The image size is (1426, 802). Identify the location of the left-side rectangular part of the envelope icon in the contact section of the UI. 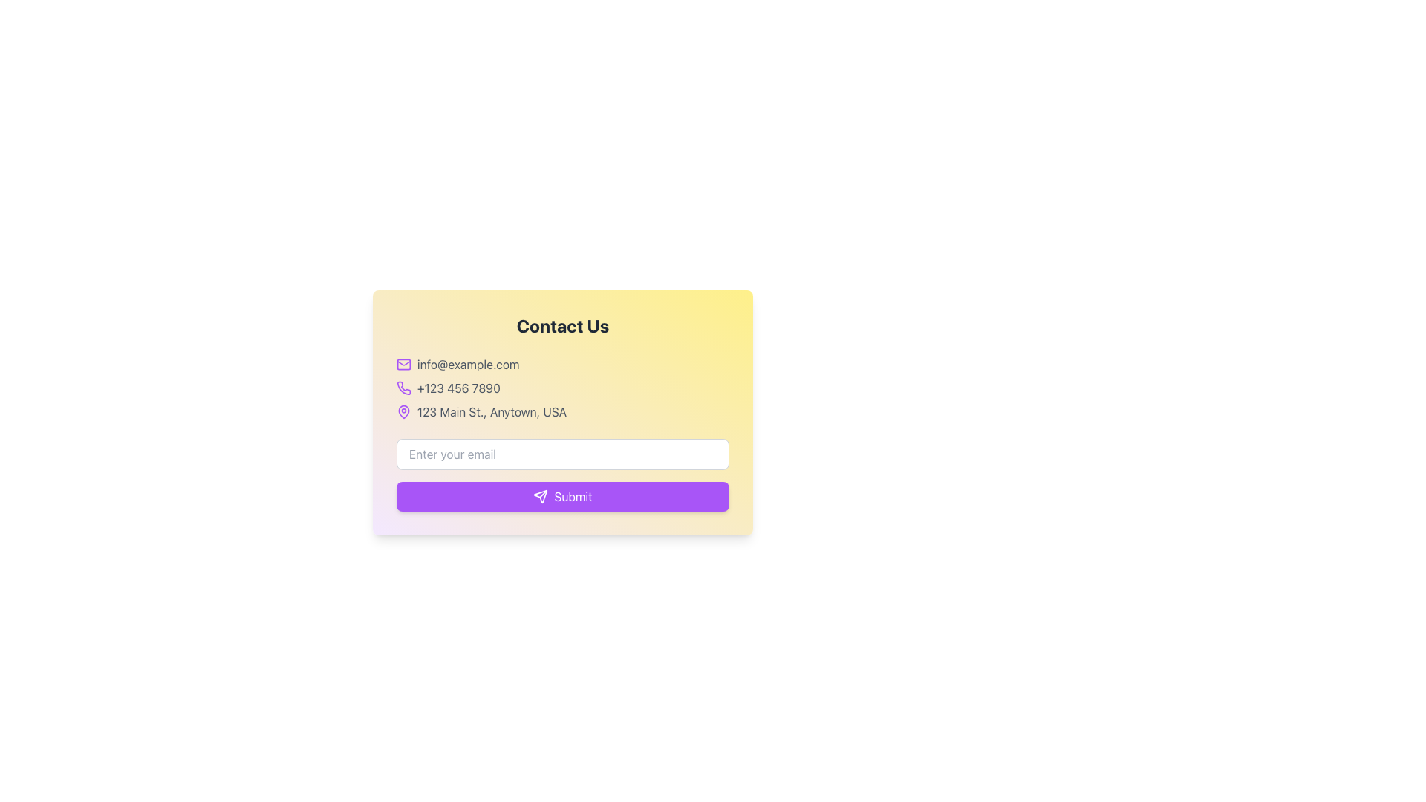
(403, 364).